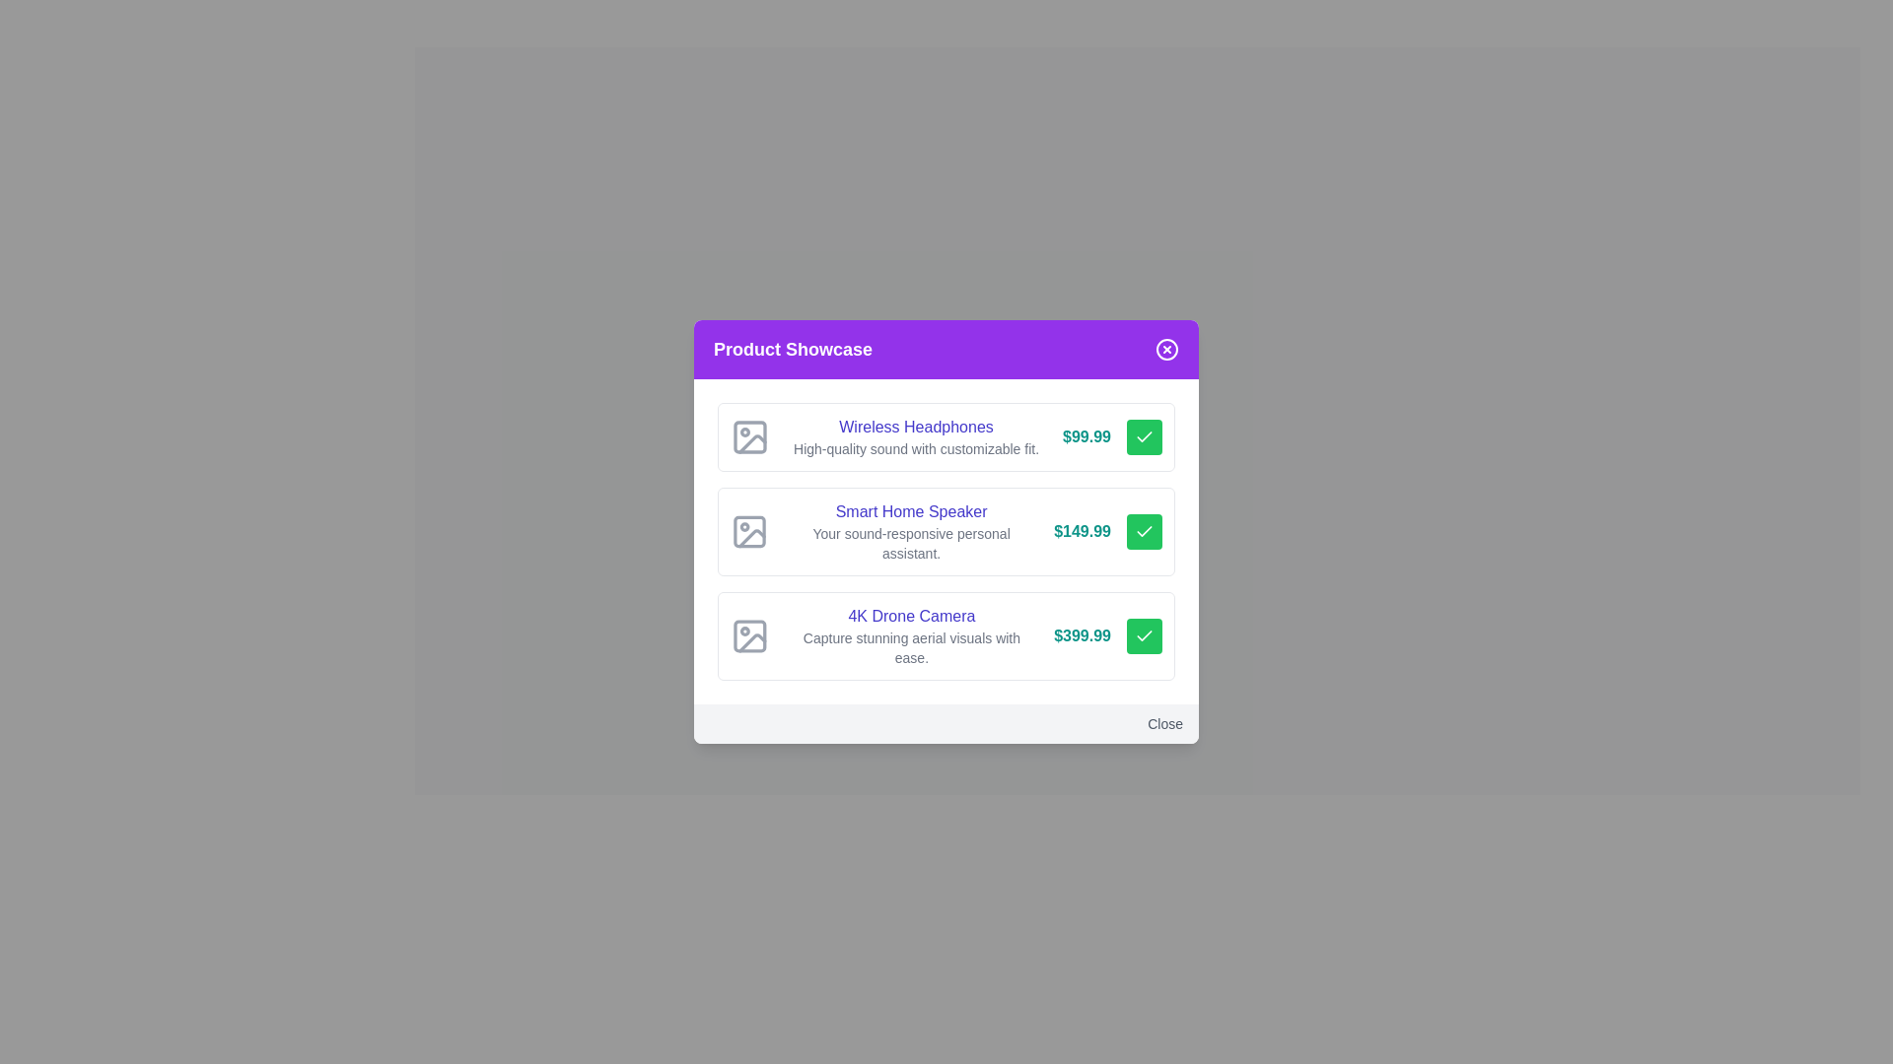  What do you see at coordinates (910, 635) in the screenshot?
I see `the Text Label that displays '4K Drone Camera' and 'Capture stunning aerial visuals with ease.' in a bold indigo and smaller gray font, respectively, located within the third product entry of a vertical list` at bounding box center [910, 635].